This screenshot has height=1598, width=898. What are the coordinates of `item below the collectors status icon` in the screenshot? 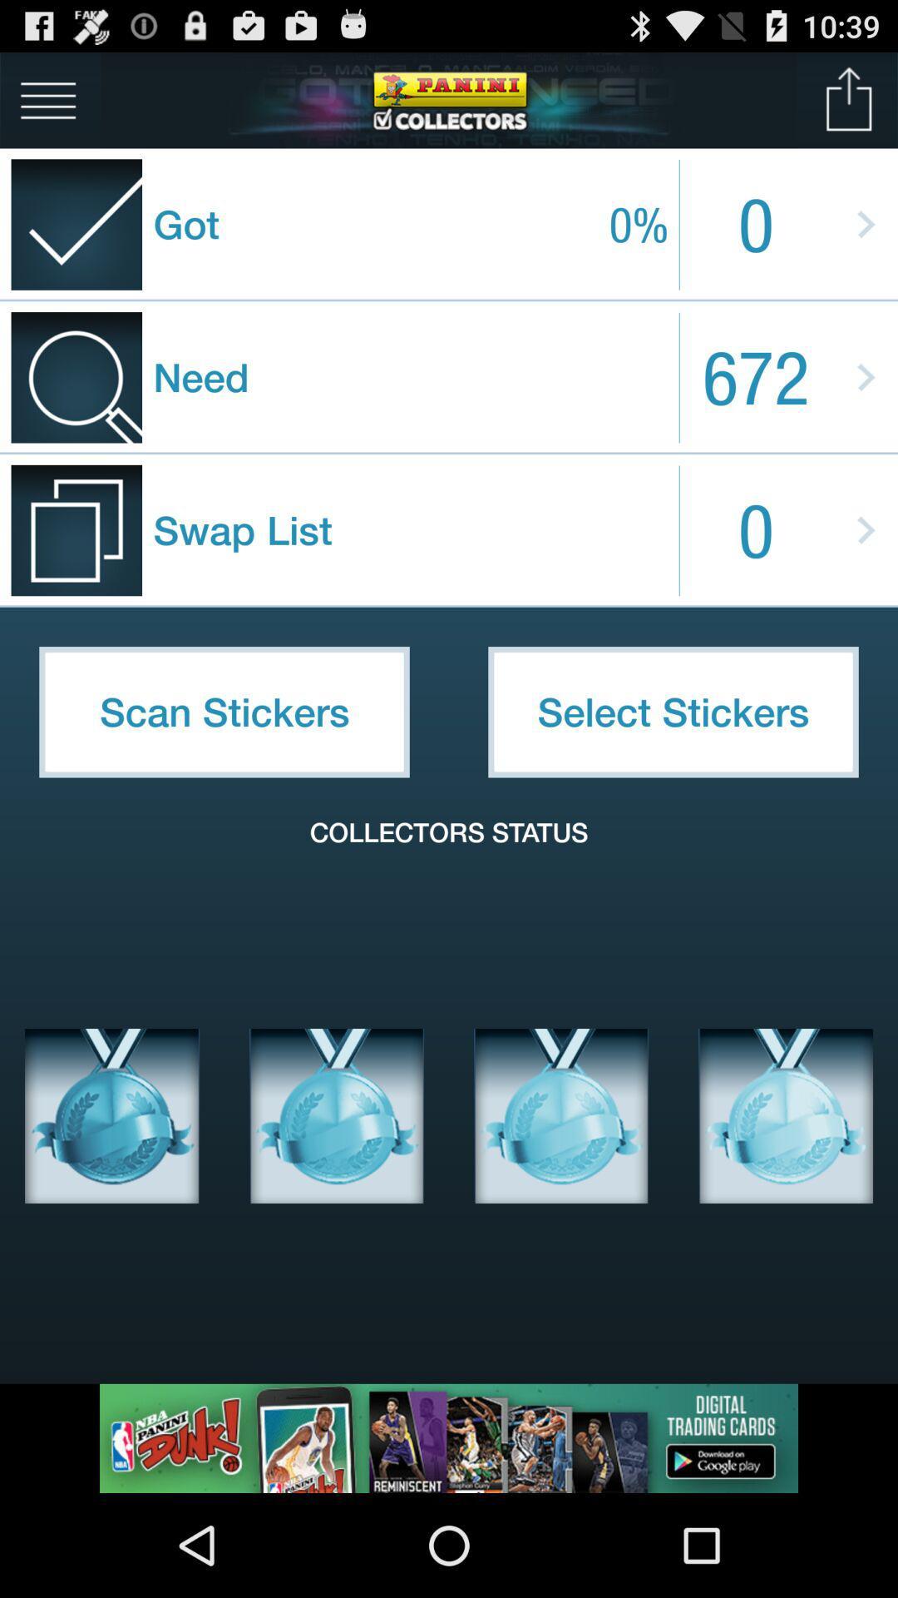 It's located at (786, 1115).